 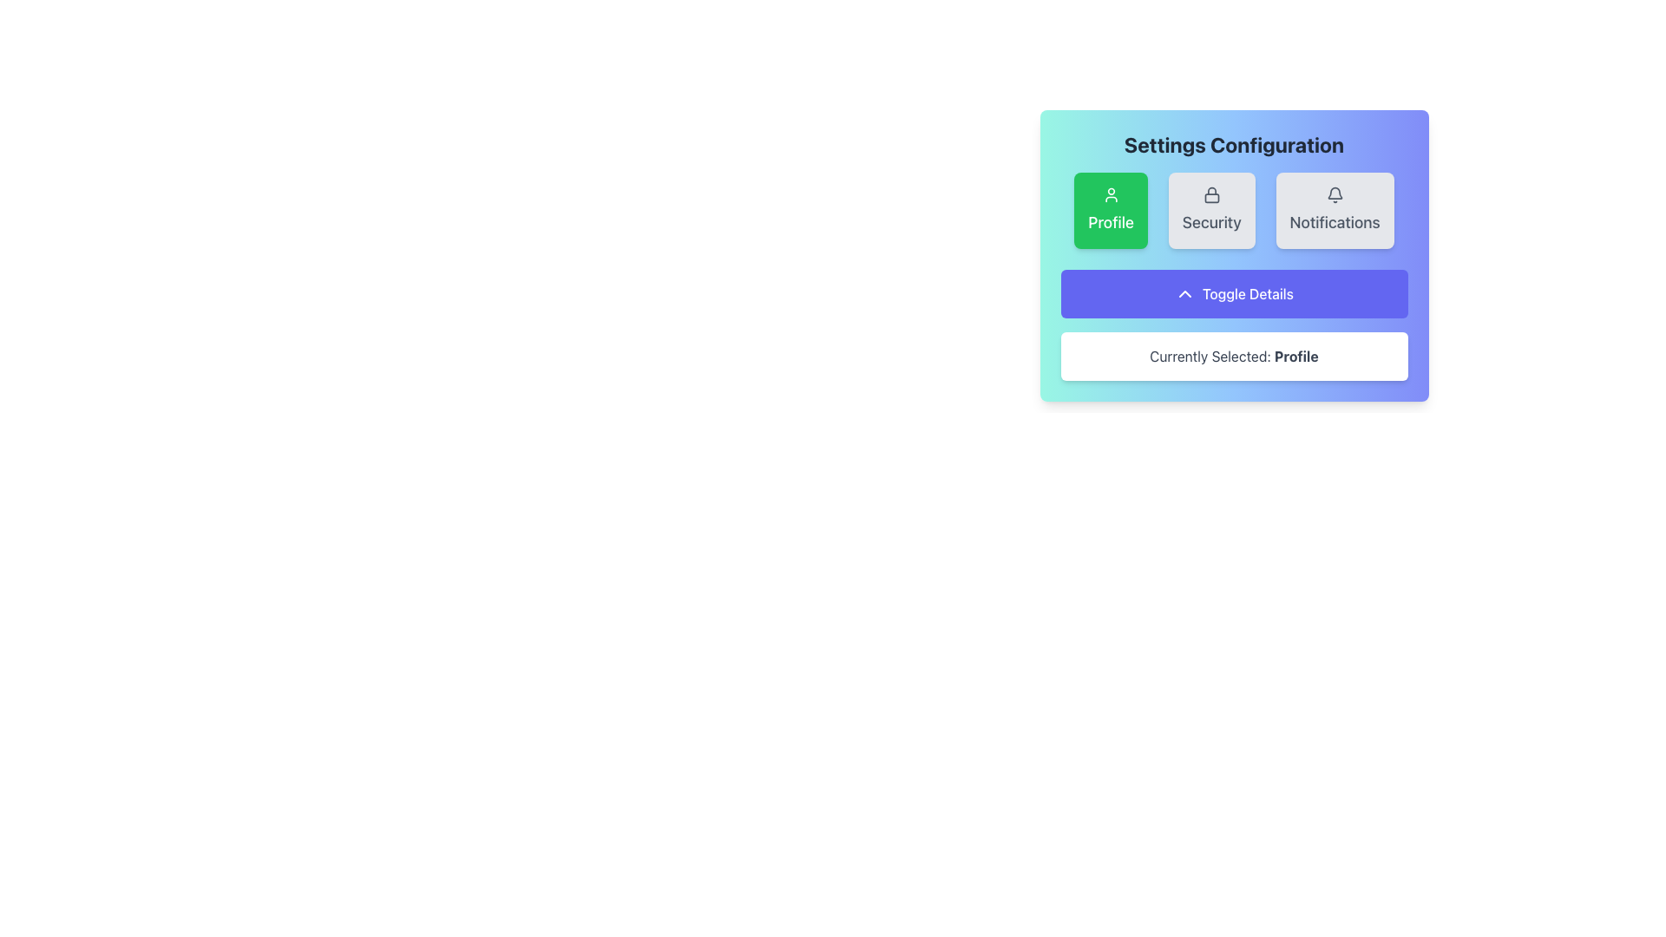 I want to click on the settings toggle button located centrally below the profile option buttons and above the 'Currently Selected: Profile' section to navigate, so click(x=1233, y=293).